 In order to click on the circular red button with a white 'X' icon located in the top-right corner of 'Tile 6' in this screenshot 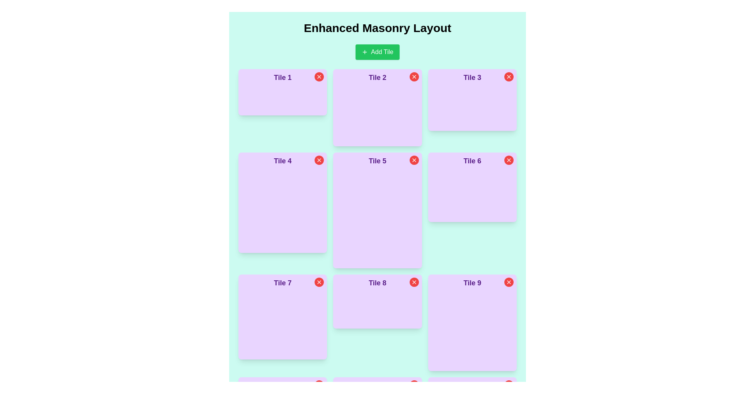, I will do `click(509, 160)`.